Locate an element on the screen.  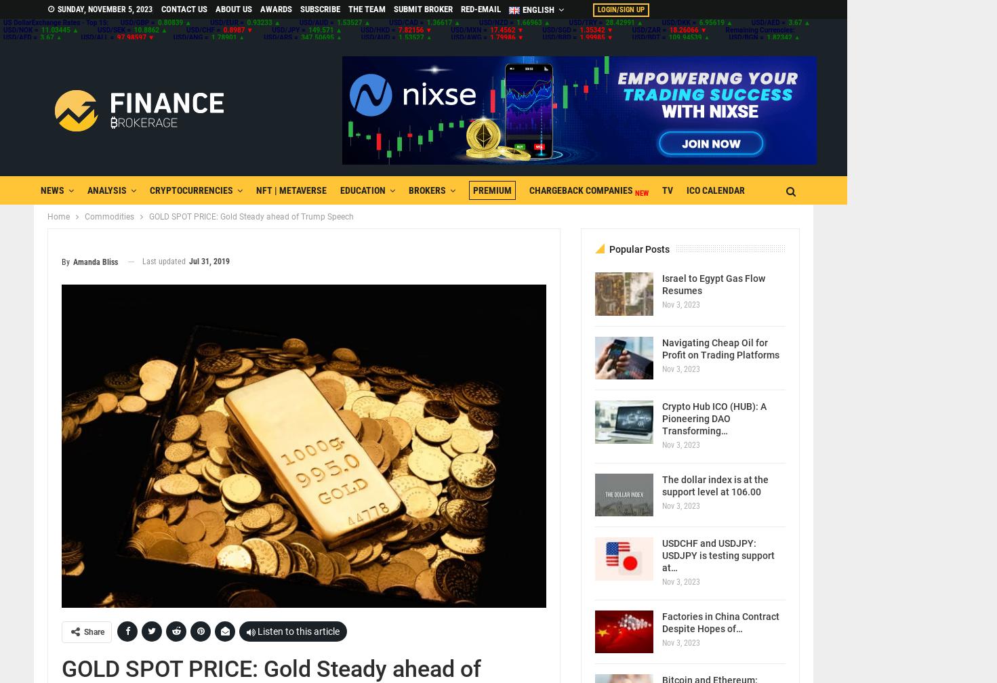
'Brokers' is located at coordinates (426, 190).